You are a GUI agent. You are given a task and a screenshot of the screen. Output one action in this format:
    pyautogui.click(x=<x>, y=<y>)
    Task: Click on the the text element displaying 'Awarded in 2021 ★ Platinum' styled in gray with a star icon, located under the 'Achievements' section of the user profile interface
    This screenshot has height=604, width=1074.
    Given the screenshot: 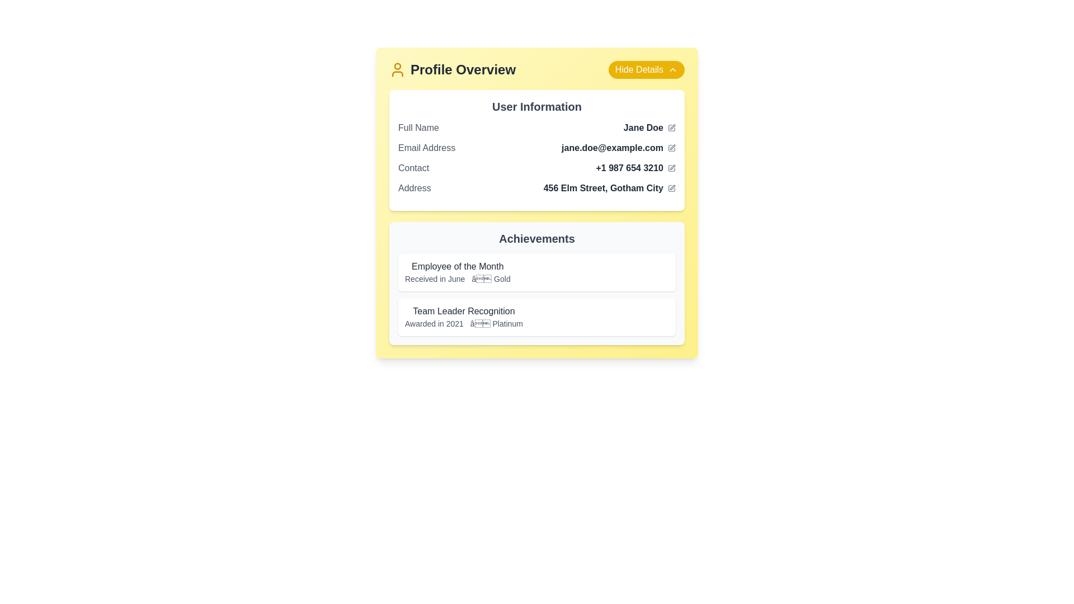 What is the action you would take?
    pyautogui.click(x=464, y=323)
    